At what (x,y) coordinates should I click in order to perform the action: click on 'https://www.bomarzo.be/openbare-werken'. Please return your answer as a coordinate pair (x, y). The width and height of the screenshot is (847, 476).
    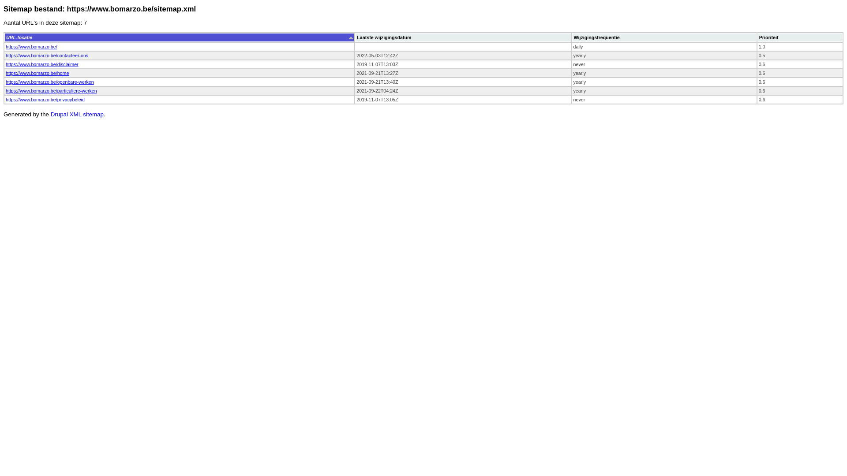
    Looking at the image, I should click on (6, 82).